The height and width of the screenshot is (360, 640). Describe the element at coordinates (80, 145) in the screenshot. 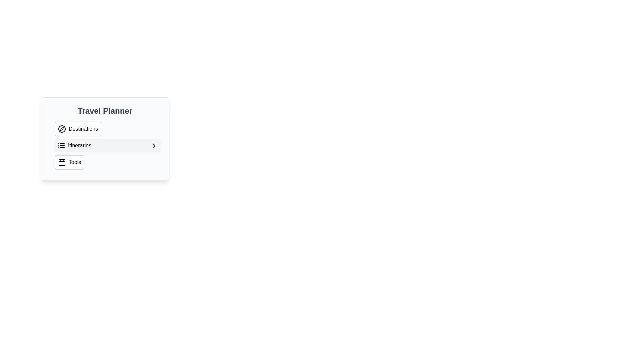

I see `the 'Itineraries' text label` at that location.